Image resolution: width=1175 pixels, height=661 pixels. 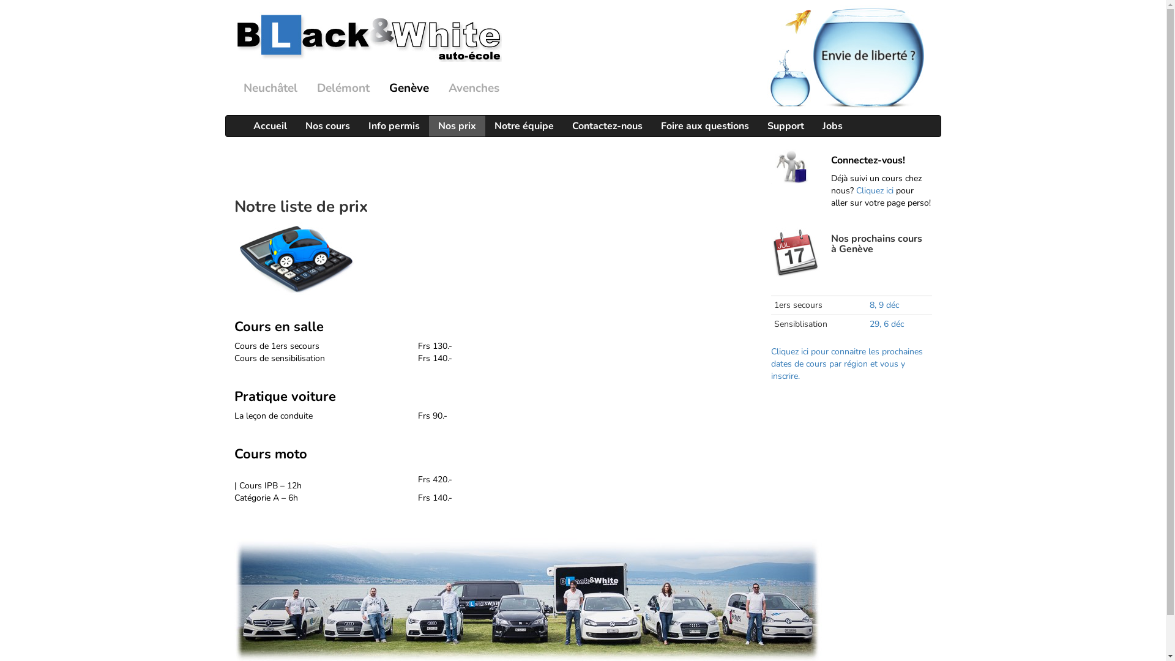 I want to click on 'Foire aux questions', so click(x=704, y=125).